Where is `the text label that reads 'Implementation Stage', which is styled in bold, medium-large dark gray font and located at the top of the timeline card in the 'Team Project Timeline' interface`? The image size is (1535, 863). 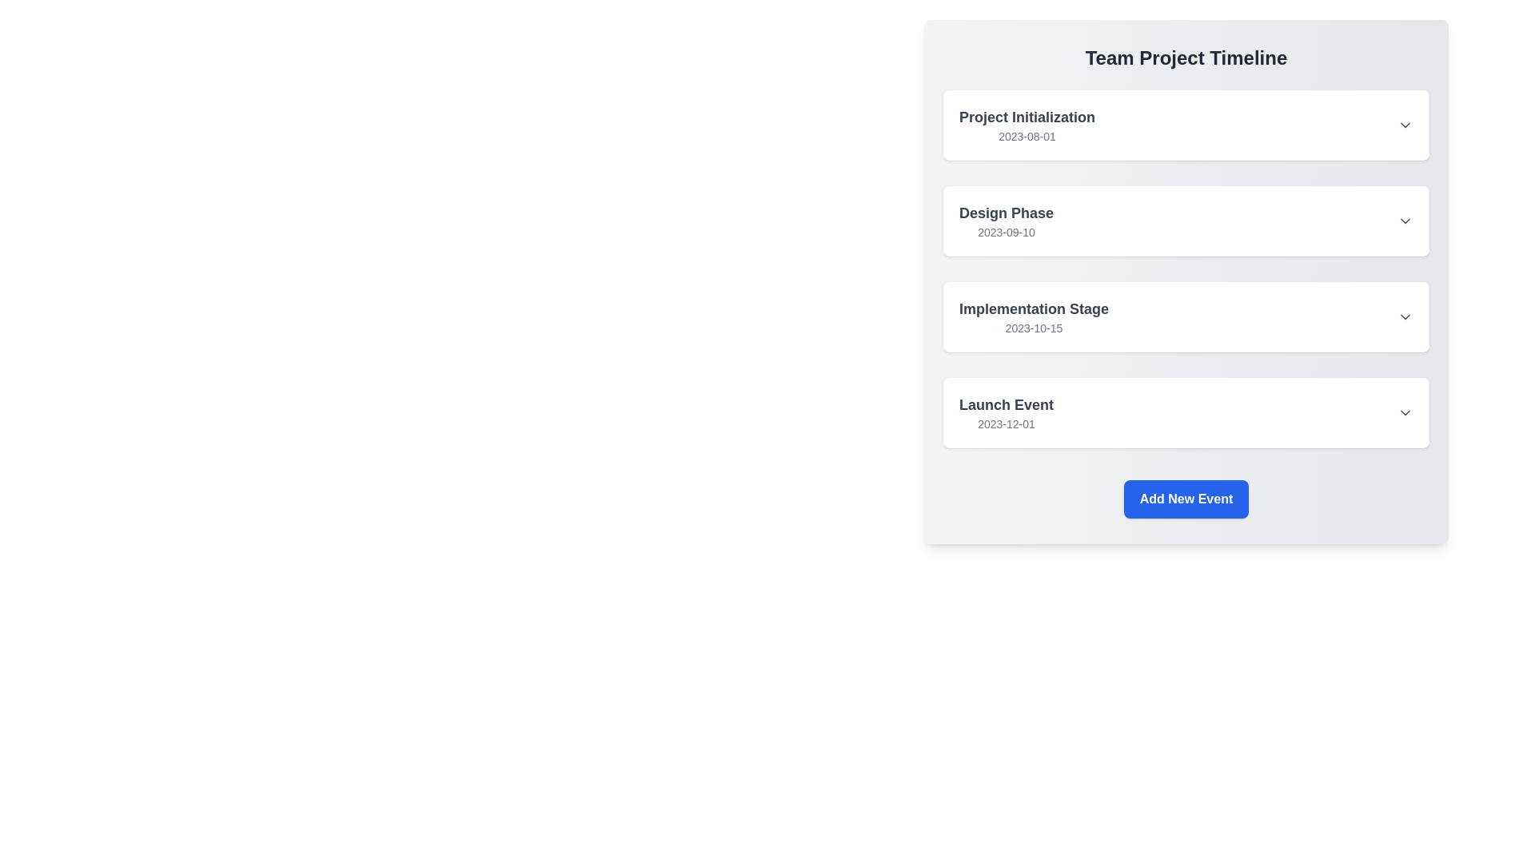
the text label that reads 'Implementation Stage', which is styled in bold, medium-large dark gray font and located at the top of the timeline card in the 'Team Project Timeline' interface is located at coordinates (1034, 308).